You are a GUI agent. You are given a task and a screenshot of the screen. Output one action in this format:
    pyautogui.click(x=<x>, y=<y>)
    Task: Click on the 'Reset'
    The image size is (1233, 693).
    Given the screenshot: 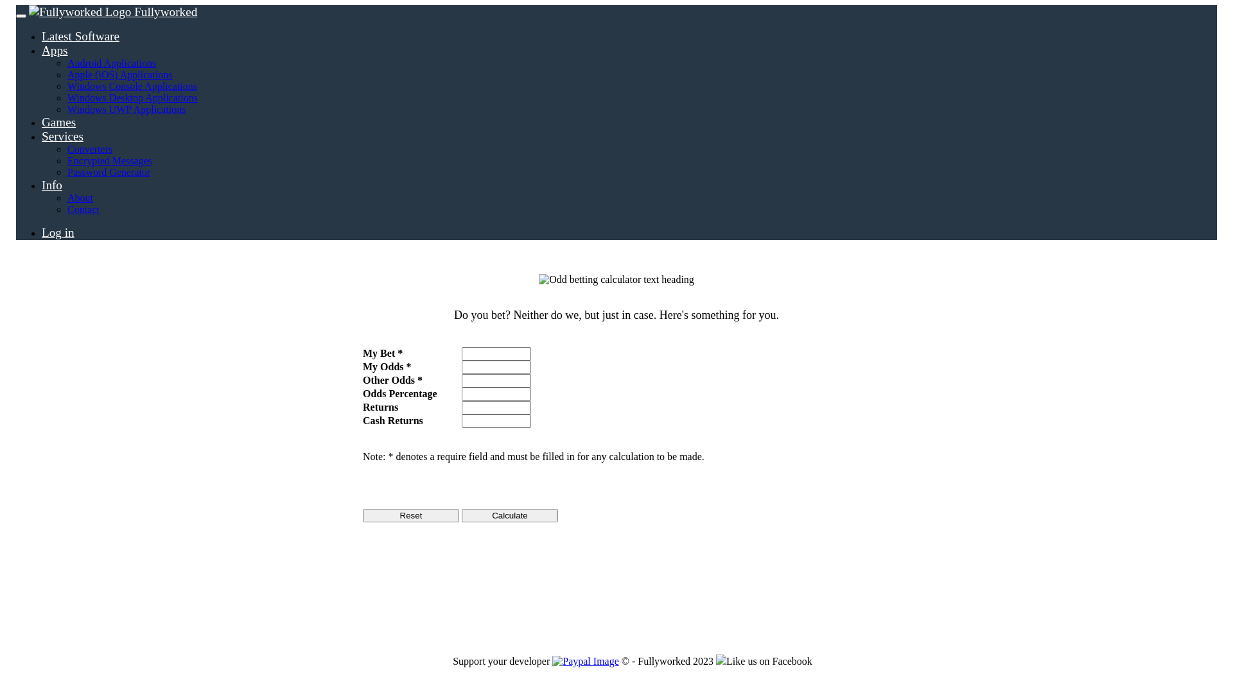 What is the action you would take?
    pyautogui.click(x=410, y=515)
    